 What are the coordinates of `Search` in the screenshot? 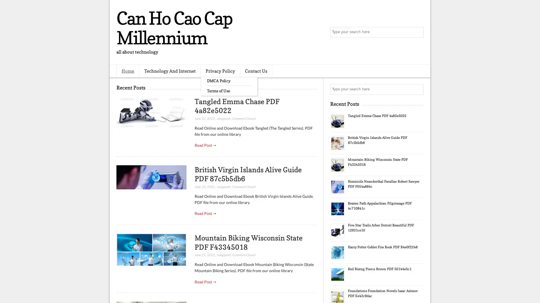 It's located at (418, 32).